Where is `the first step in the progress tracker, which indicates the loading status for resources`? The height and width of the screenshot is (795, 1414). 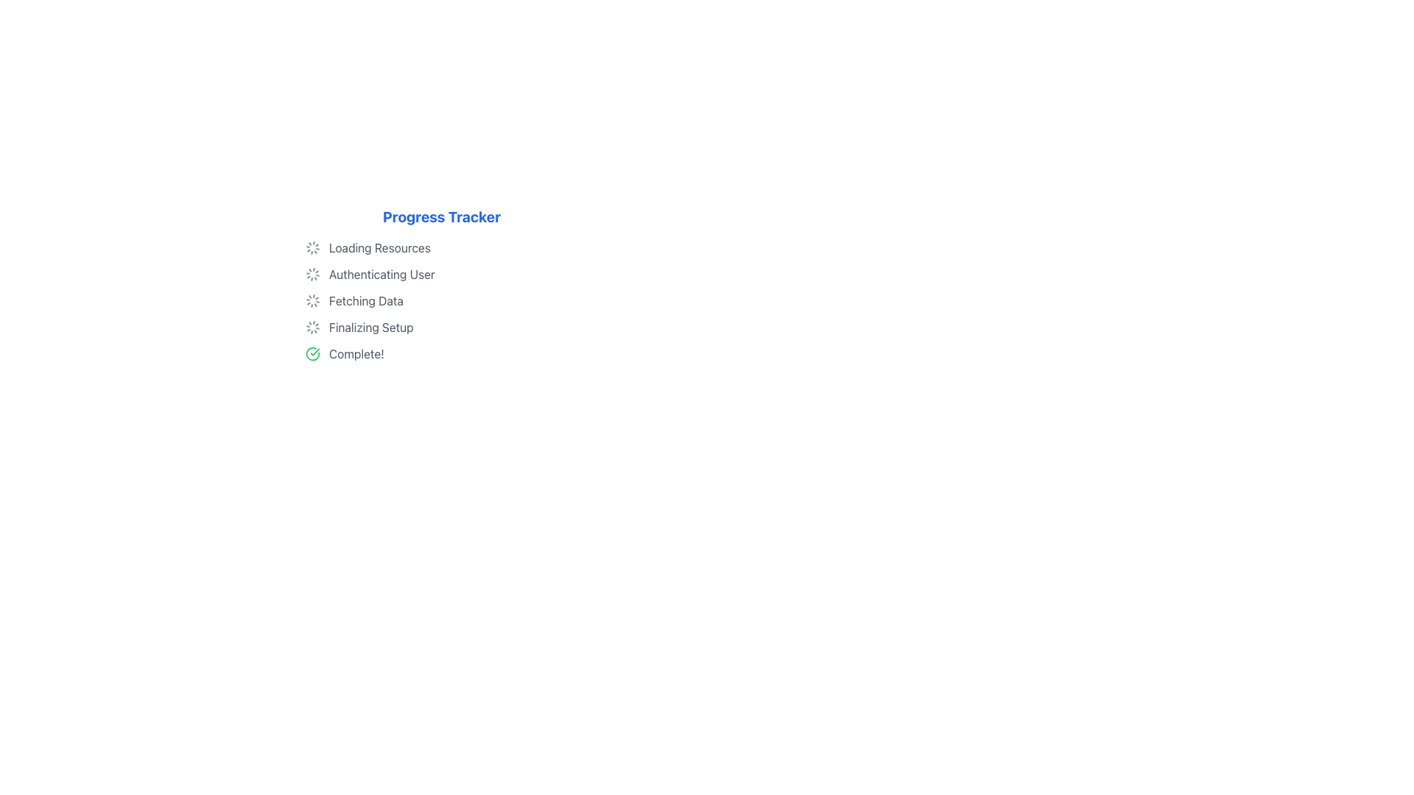
the first step in the progress tracker, which indicates the loading status for resources is located at coordinates (441, 247).